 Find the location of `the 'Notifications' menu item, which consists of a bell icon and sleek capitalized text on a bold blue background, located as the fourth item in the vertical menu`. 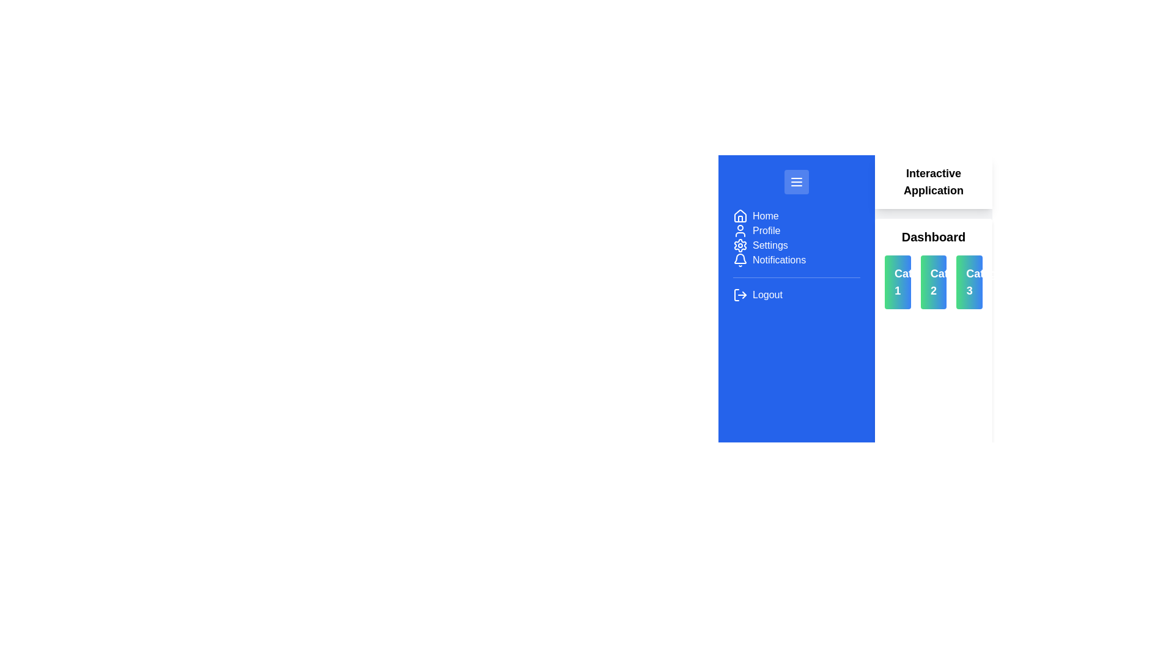

the 'Notifications' menu item, which consists of a bell icon and sleek capitalized text on a bold blue background, located as the fourth item in the vertical menu is located at coordinates (796, 259).